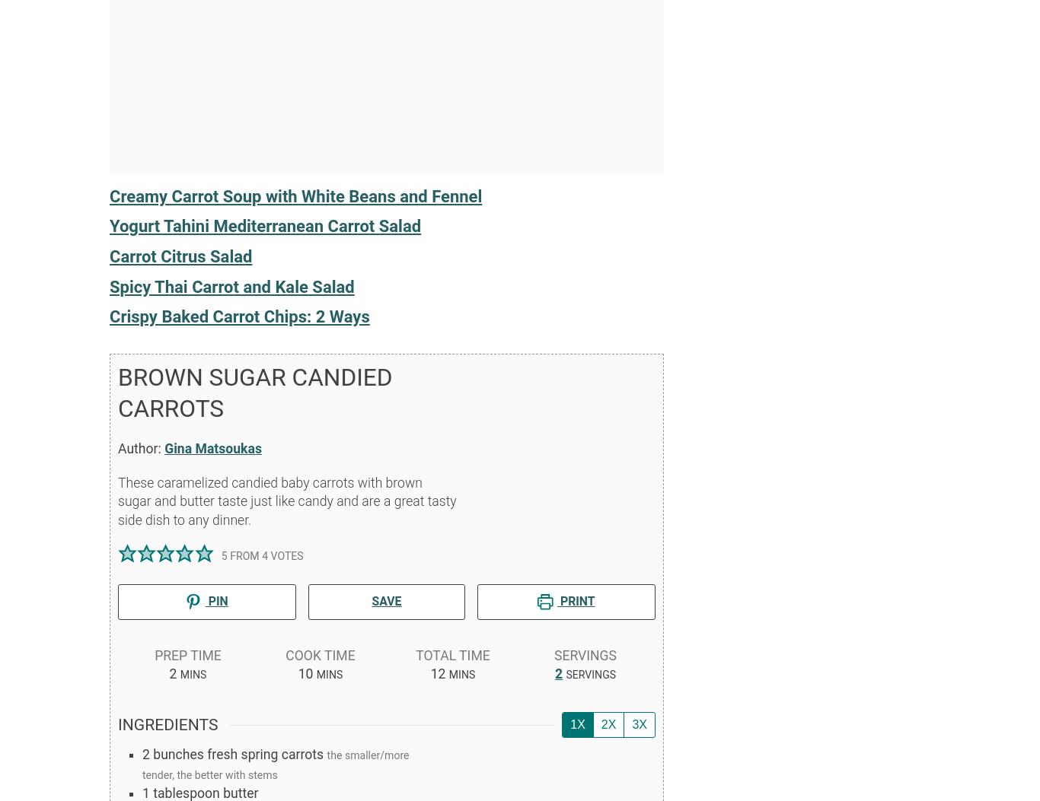 This screenshot has height=801, width=1040. What do you see at coordinates (295, 195) in the screenshot?
I see `'Creamy Carrot Soup with White Beans and Fennel'` at bounding box center [295, 195].